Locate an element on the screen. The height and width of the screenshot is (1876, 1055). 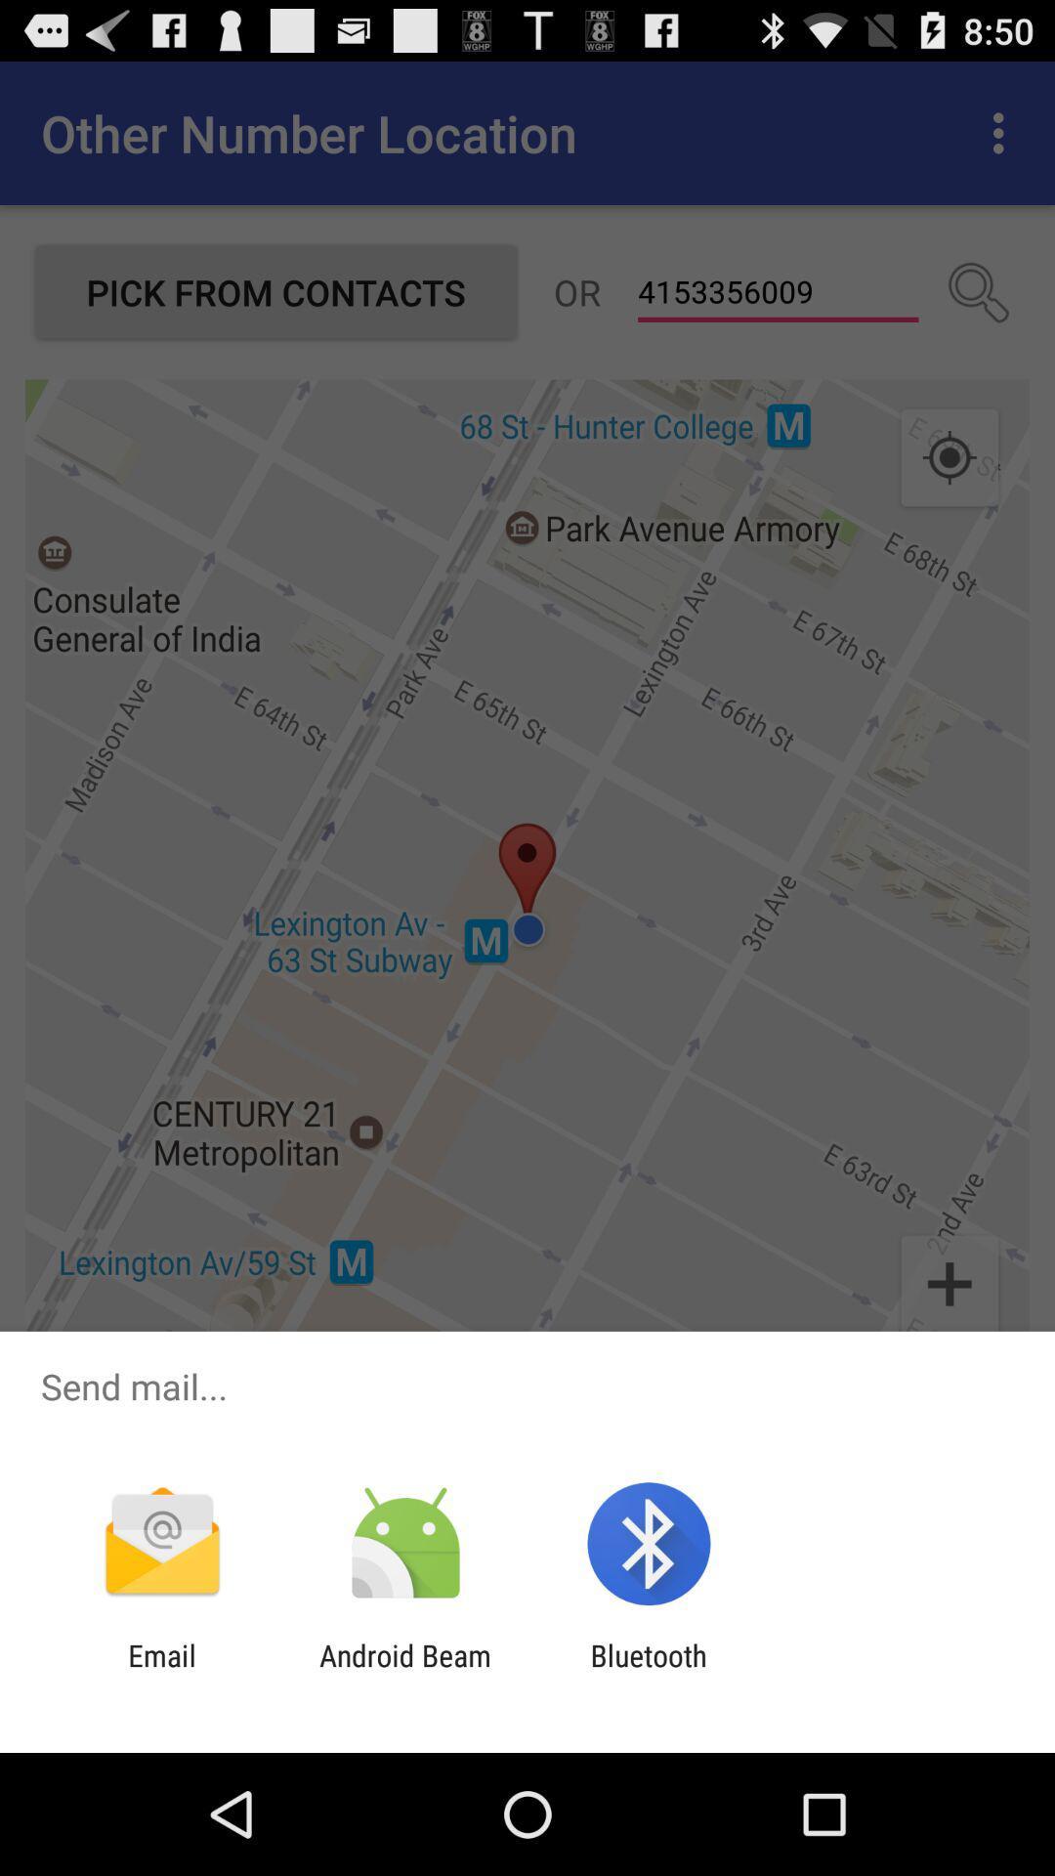
icon to the left of bluetooth app is located at coordinates (404, 1672).